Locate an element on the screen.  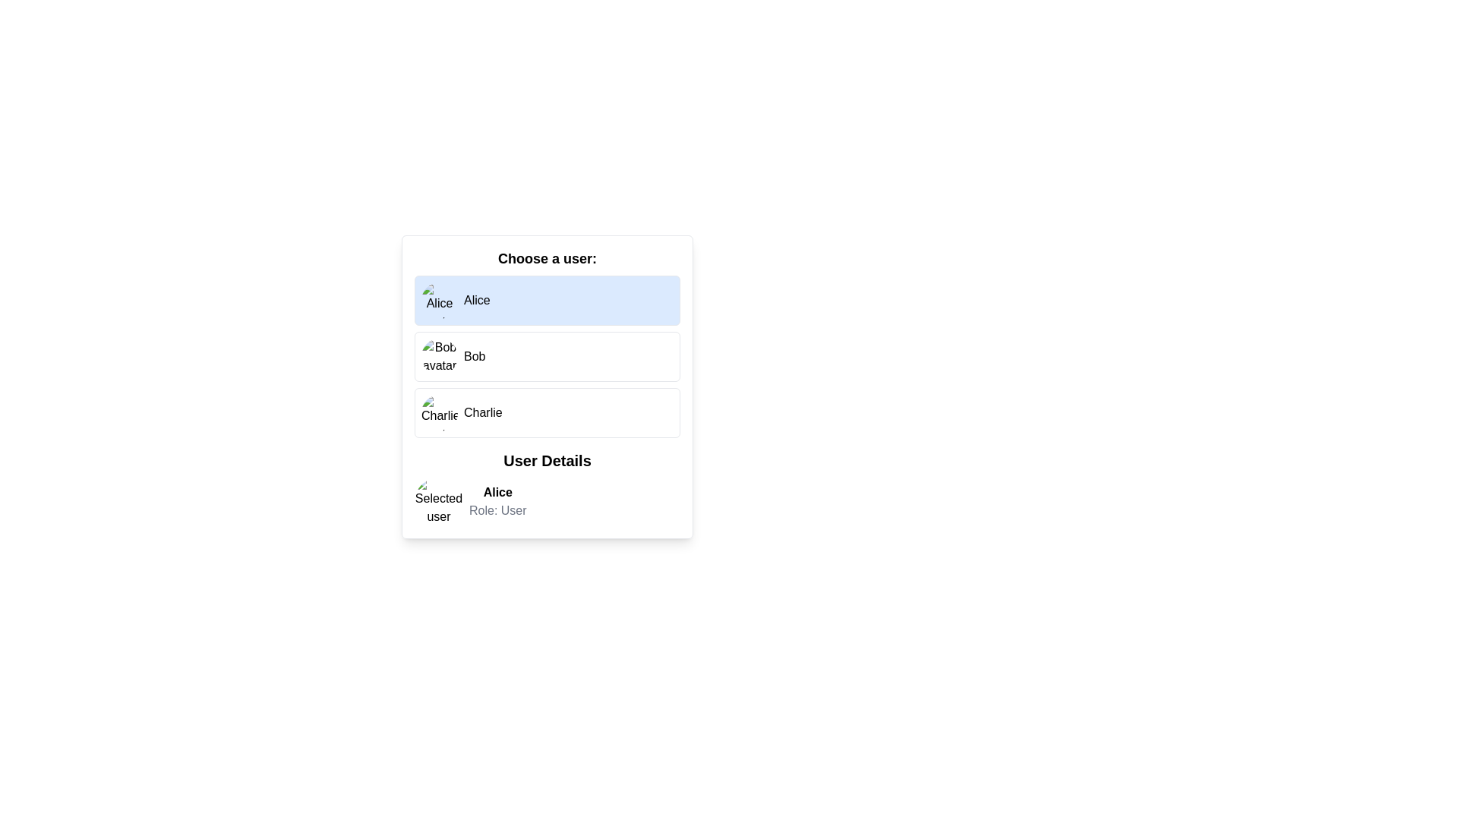
the text label displaying 'Alice' which is located within the 'Choose a user' section, aligned with an avatar image on its left is located at coordinates (476, 301).